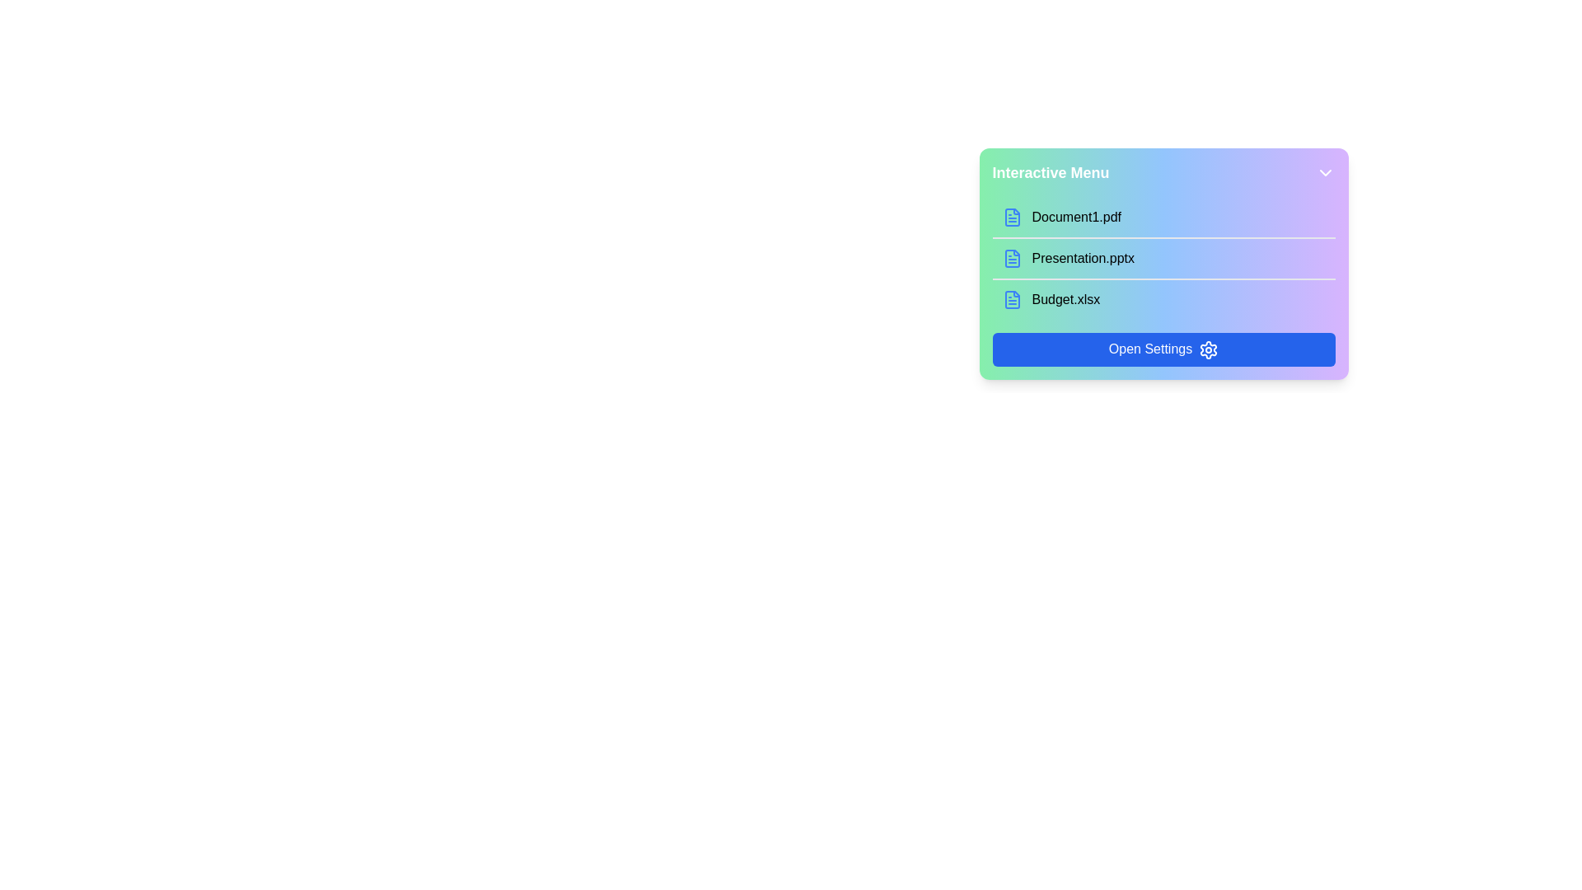 This screenshot has height=890, width=1582. Describe the element at coordinates (1011, 299) in the screenshot. I see `the document file icon, which is a static graphical representation with a blue outline, located to the left of the text 'Budget.xlsx' in the third row of the document menu` at that location.